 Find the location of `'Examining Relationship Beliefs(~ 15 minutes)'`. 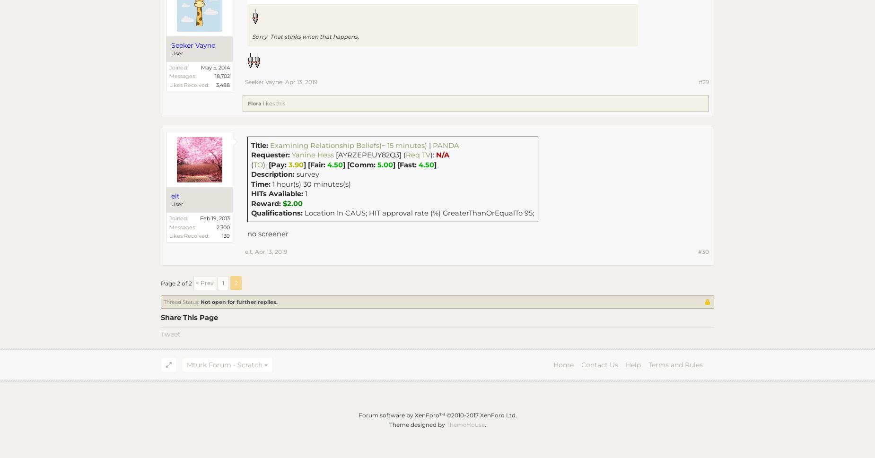

'Examining Relationship Beliefs(~ 15 minutes)' is located at coordinates (349, 145).